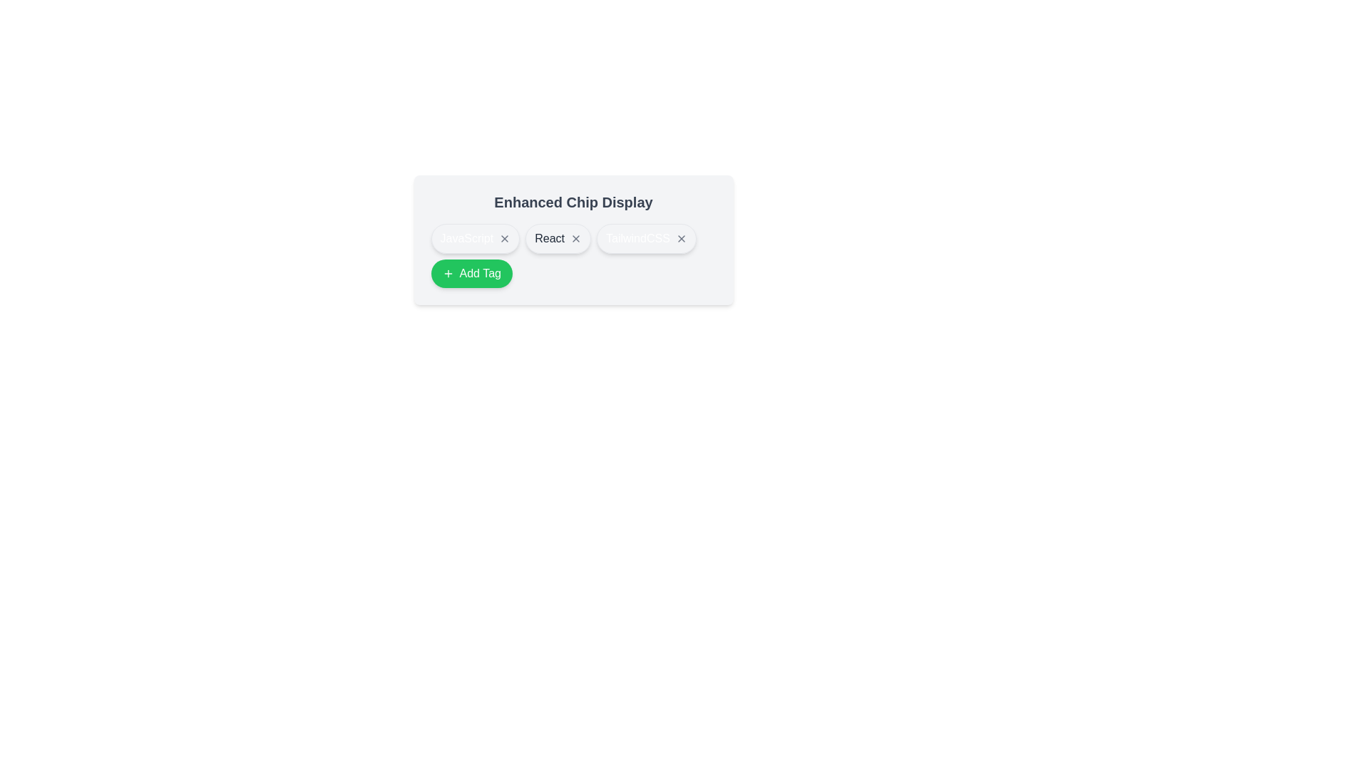  I want to click on the tag by clicking on the close icon of the tag with text JavaScript, so click(505, 238).